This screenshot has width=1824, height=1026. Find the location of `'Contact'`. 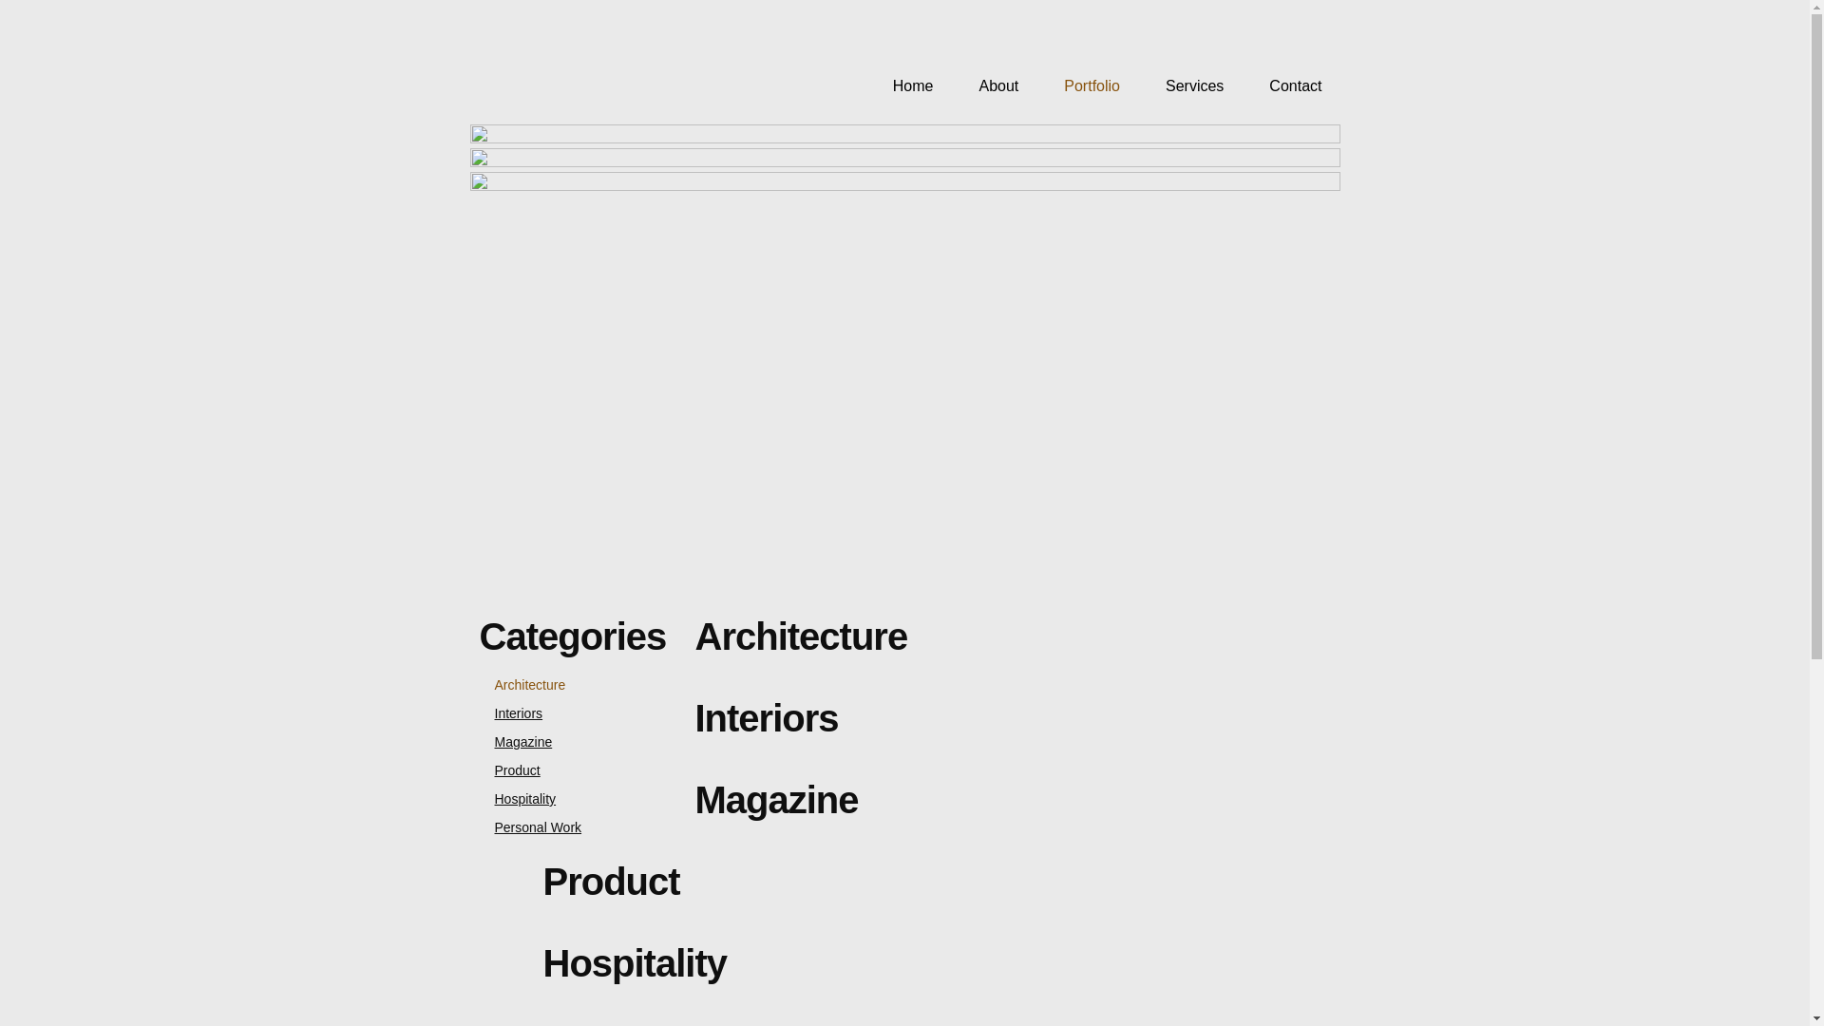

'Contact' is located at coordinates (1285, 86).